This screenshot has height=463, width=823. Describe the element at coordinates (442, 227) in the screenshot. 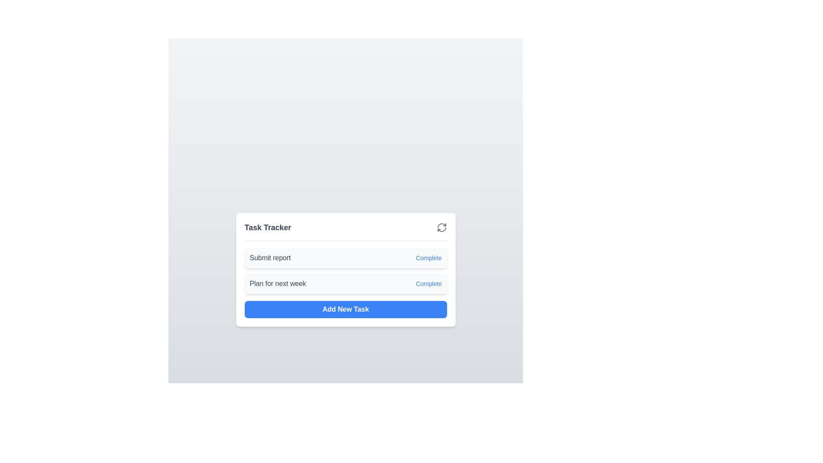

I see `the refresh icon, which is a small gray circular arrow located to the right of the 'Task Tracker' title in the top-right corner of the header section` at that location.